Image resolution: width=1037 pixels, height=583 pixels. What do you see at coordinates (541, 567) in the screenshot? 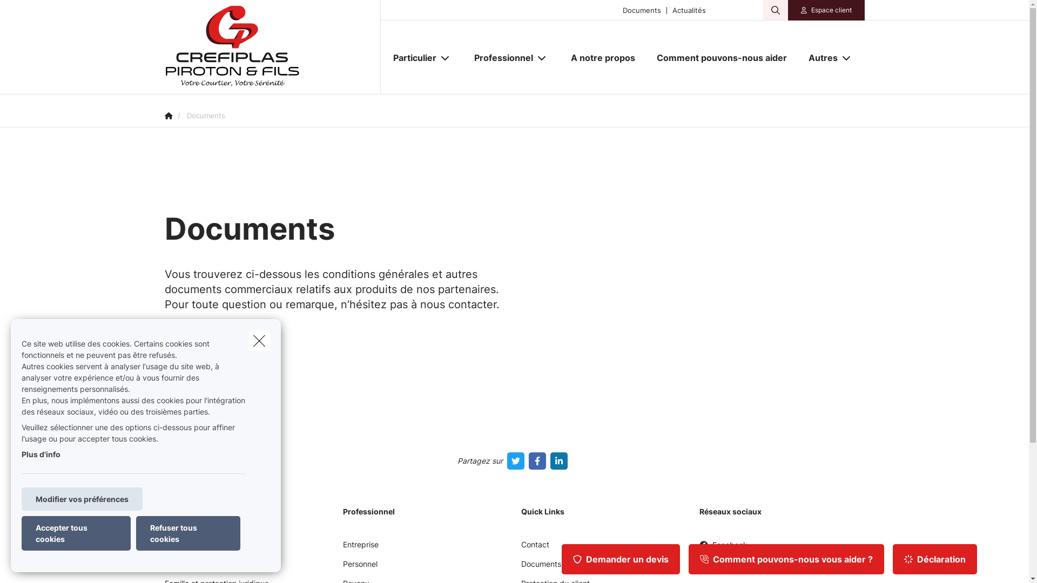
I see `'Documents'` at bounding box center [541, 567].